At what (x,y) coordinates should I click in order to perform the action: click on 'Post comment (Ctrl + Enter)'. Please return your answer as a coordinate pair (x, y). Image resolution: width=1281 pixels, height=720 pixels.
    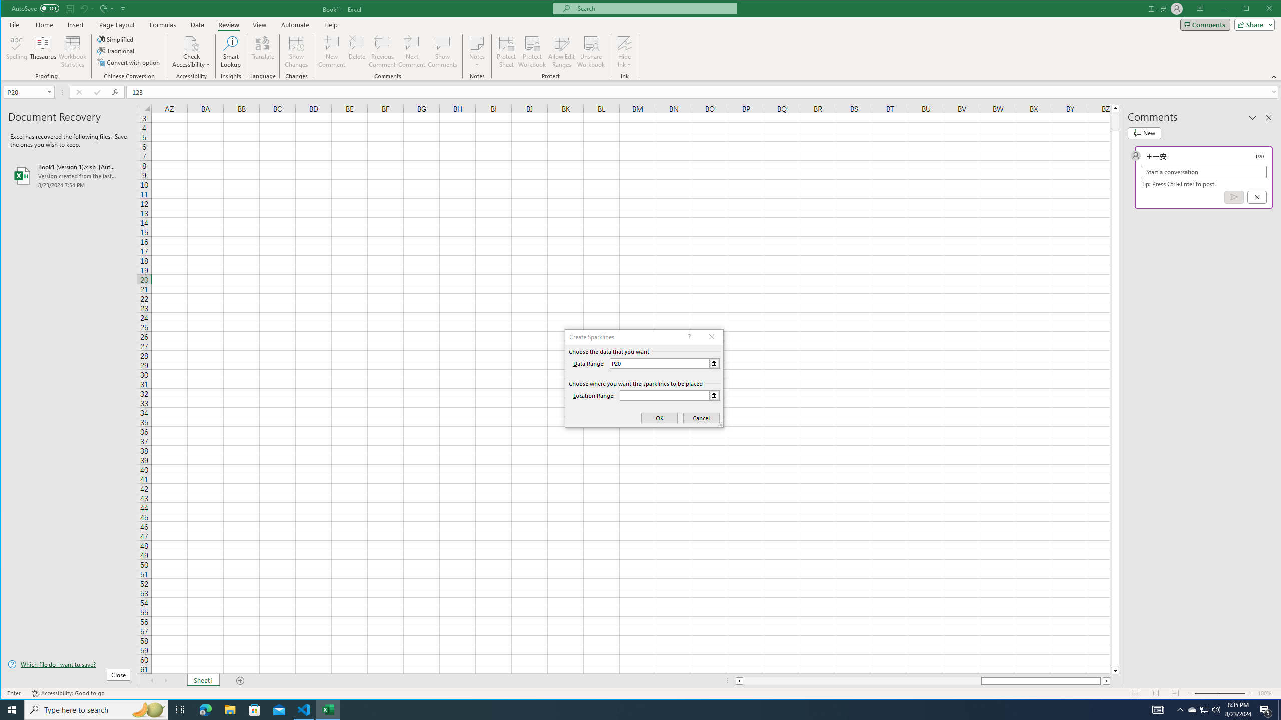
    Looking at the image, I should click on (1234, 197).